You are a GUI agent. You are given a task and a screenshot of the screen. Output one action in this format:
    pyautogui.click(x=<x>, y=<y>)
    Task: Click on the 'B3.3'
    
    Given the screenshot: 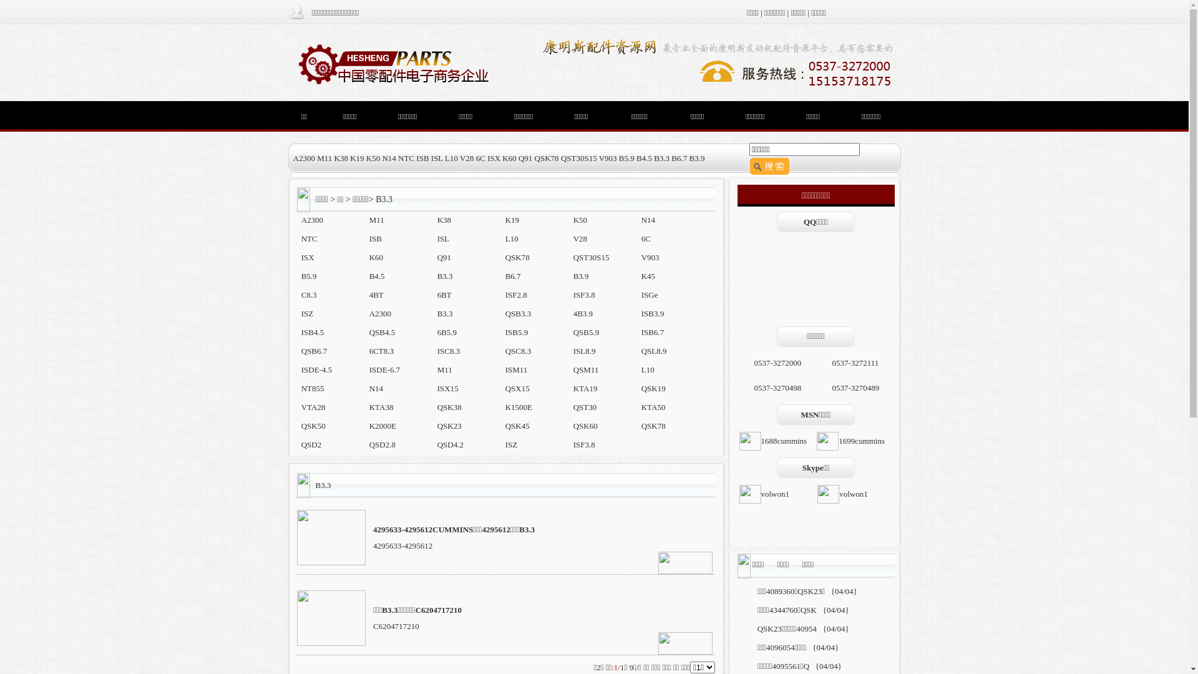 What is the action you would take?
    pyautogui.click(x=445, y=313)
    